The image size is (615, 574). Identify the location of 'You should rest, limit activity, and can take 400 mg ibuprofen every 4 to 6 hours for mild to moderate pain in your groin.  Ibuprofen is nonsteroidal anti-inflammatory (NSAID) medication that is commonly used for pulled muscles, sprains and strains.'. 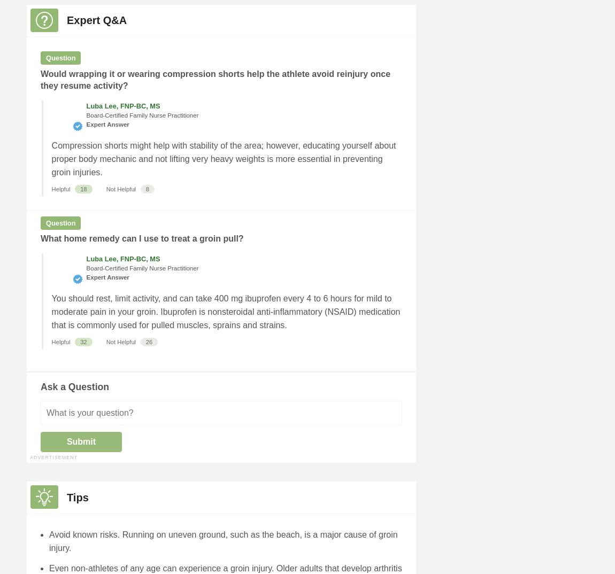
(226, 311).